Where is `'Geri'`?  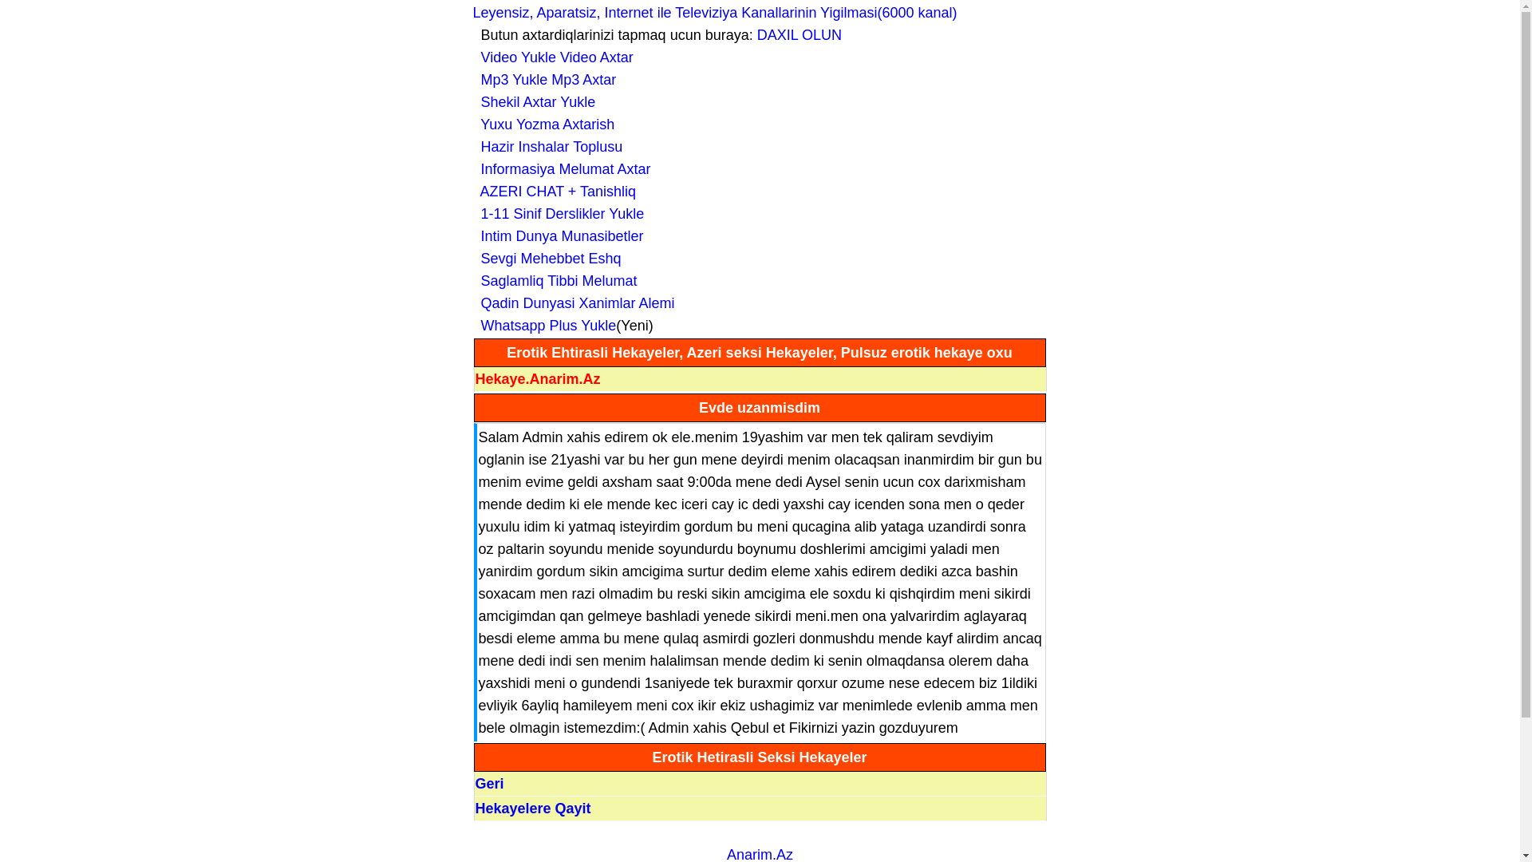 'Geri' is located at coordinates (489, 783).